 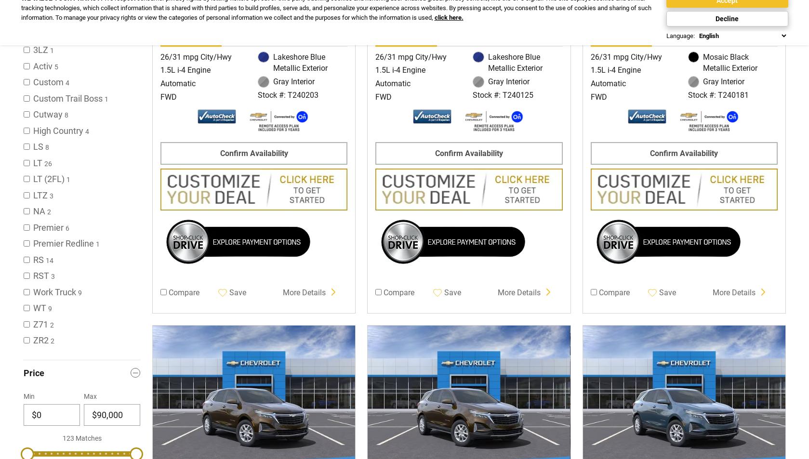 I want to click on 'Stock #: T240125', so click(x=472, y=94).